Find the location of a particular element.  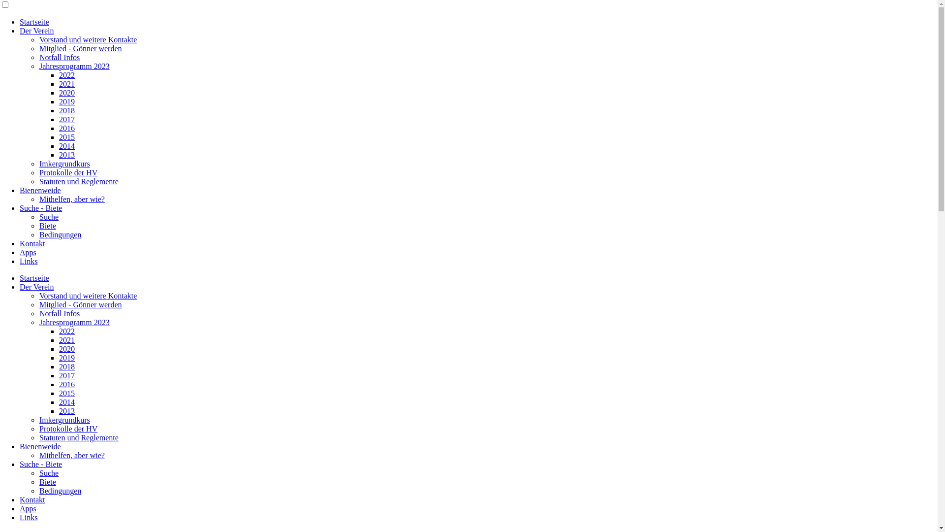

'Notfall Infos' is located at coordinates (59, 57).